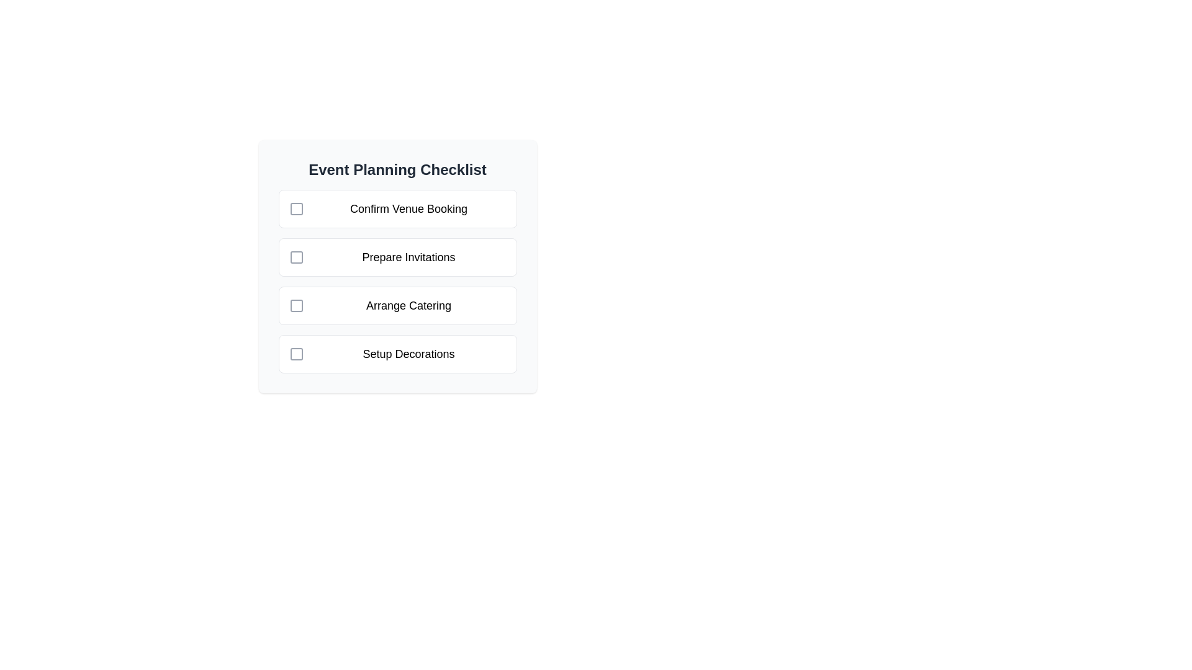 This screenshot has width=1192, height=670. I want to click on the checkbox located to the left of the text 'Confirm Venue Booking', so click(296, 208).